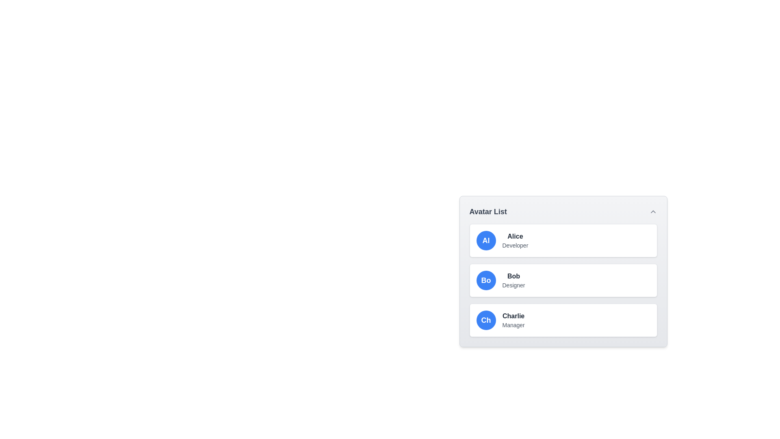  I want to click on static text label indicating Bob's professional designation, which is located below the text 'Bob' and to the right of the circular blue icon with initials 'Bo' in the second list item of the 'Avatar List', so click(513, 285).